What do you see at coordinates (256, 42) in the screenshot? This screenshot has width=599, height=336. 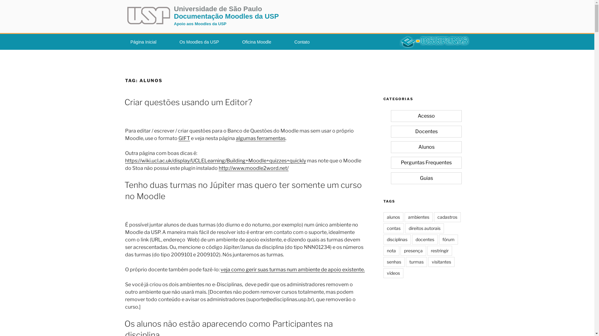 I see `'Oficina Moodle'` at bounding box center [256, 42].